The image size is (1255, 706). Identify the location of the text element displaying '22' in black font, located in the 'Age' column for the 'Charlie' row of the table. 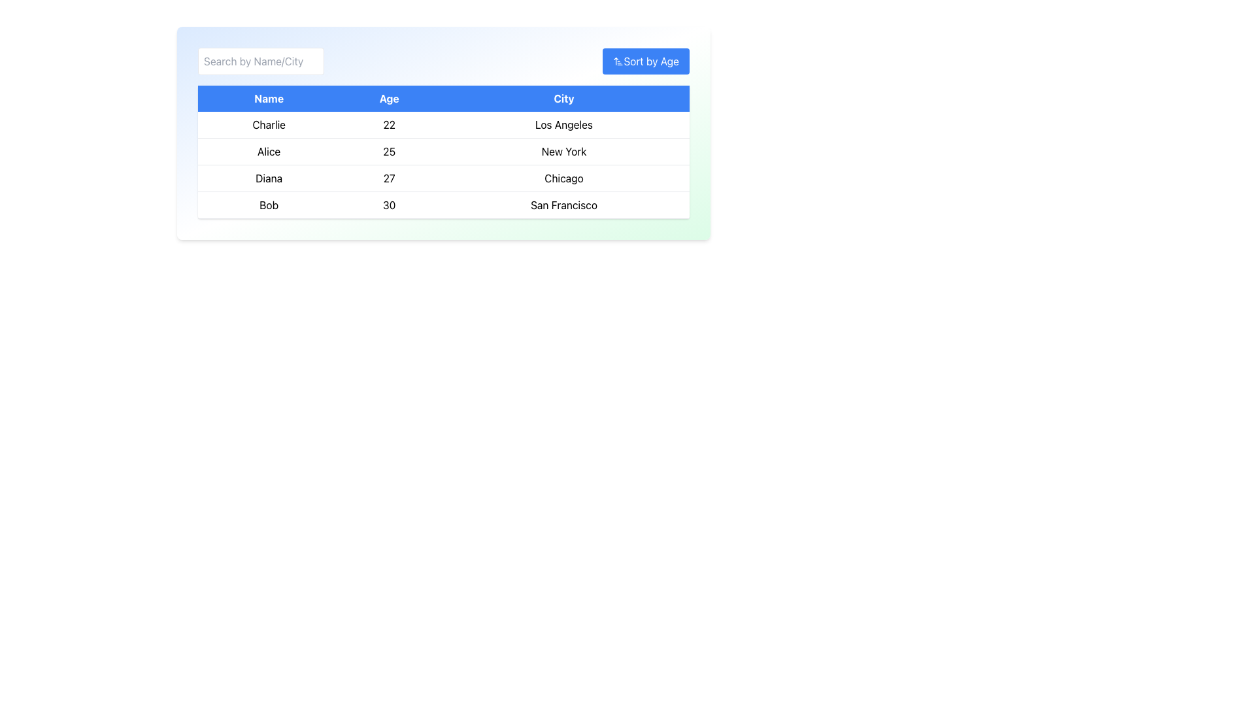
(388, 125).